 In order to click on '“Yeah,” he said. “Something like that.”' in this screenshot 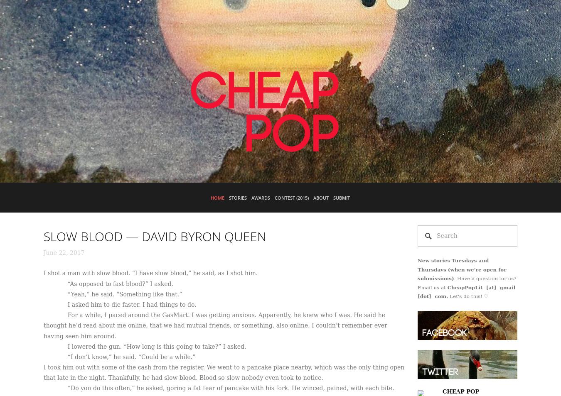, I will do `click(112, 293)`.